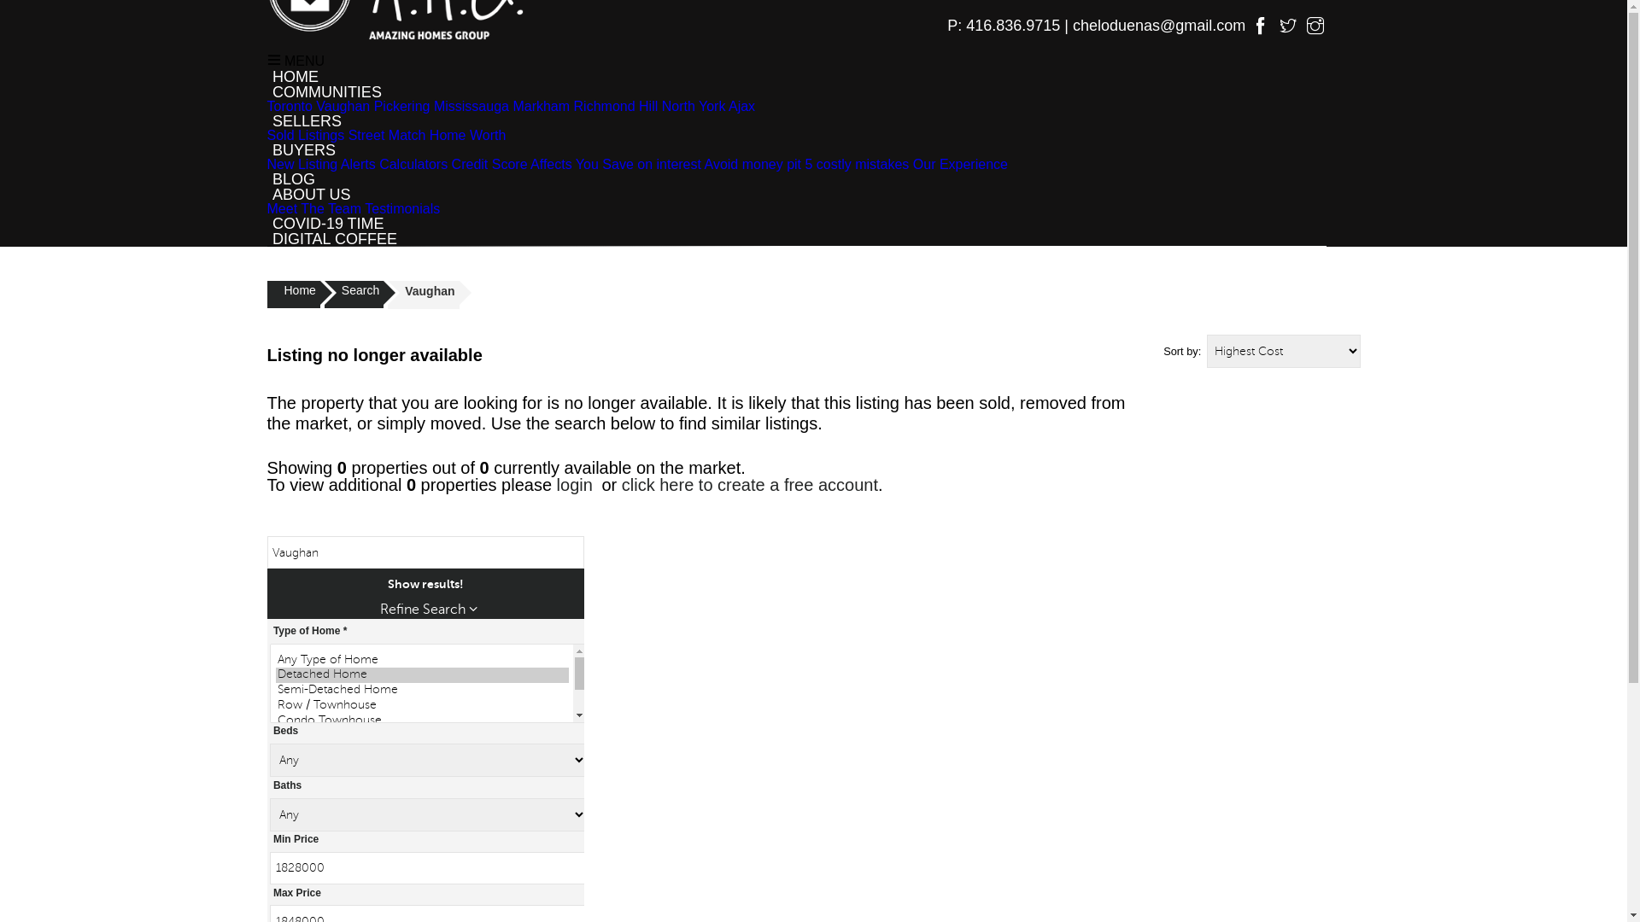 The image size is (1640, 922). I want to click on '5 costly mistakes', so click(857, 164).